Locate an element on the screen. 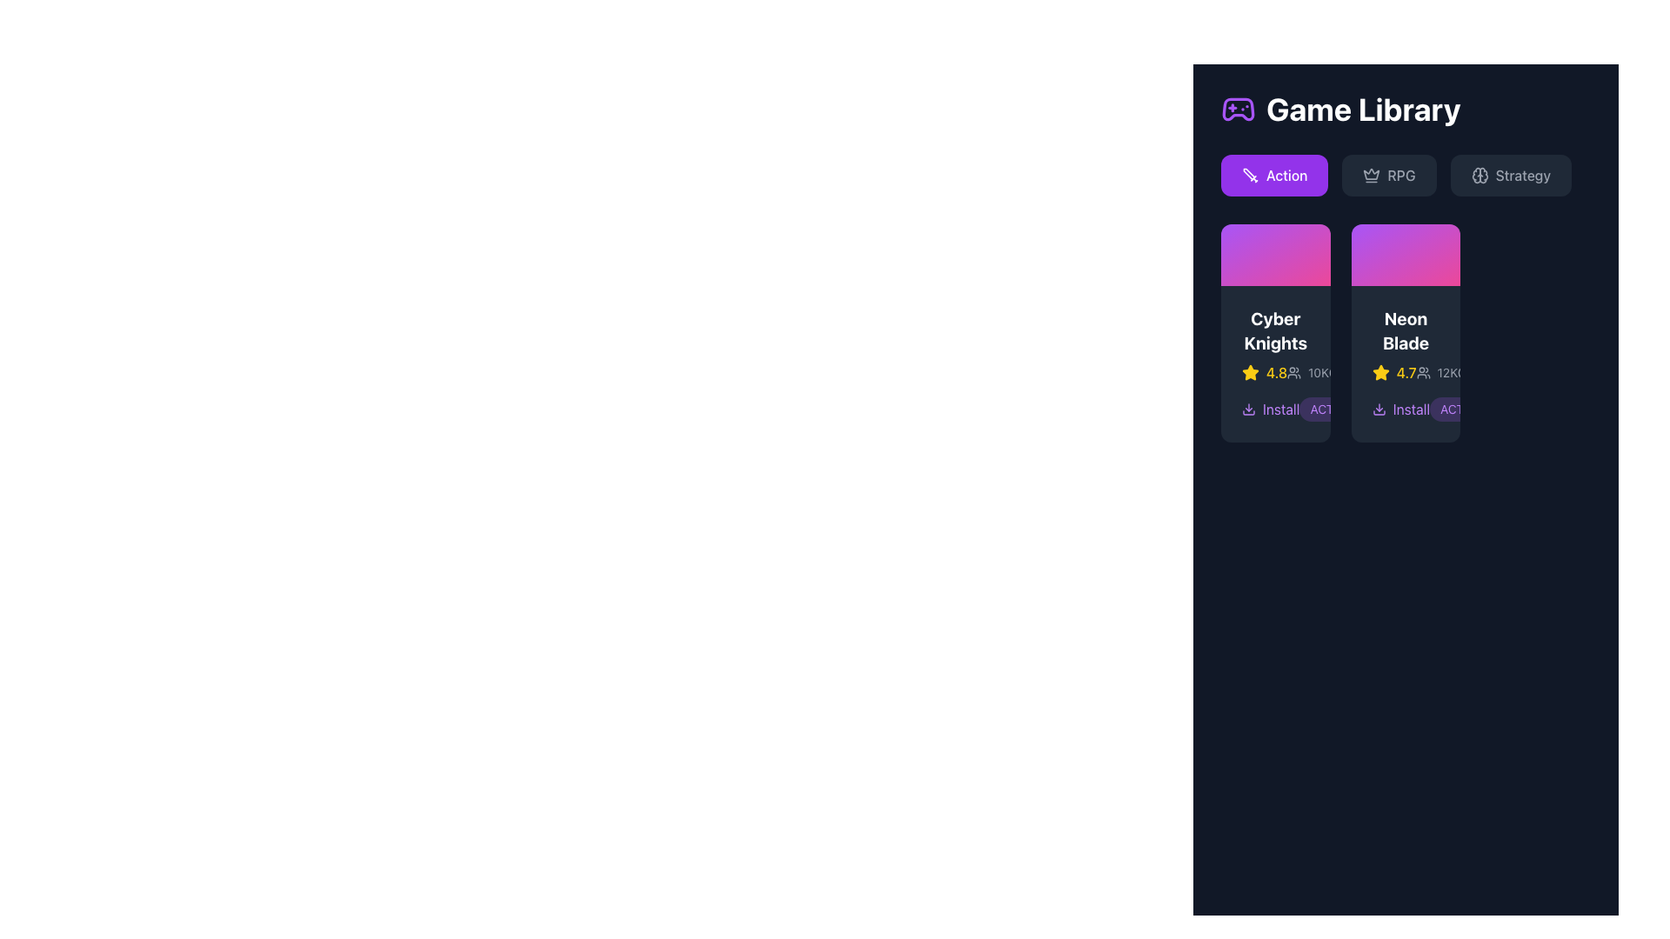 The image size is (1670, 939). the text label displaying '4.7' which is styled with a yellow font color and positioned immediately to the right of the yellow star icon in the lower section of the 'Neon Blade' game card is located at coordinates (1406, 371).